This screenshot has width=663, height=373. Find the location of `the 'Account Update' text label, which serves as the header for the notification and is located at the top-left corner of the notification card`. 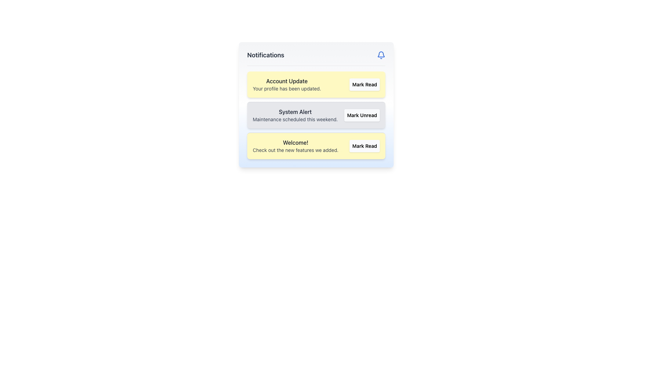

the 'Account Update' text label, which serves as the header for the notification and is located at the top-left corner of the notification card is located at coordinates (287, 81).